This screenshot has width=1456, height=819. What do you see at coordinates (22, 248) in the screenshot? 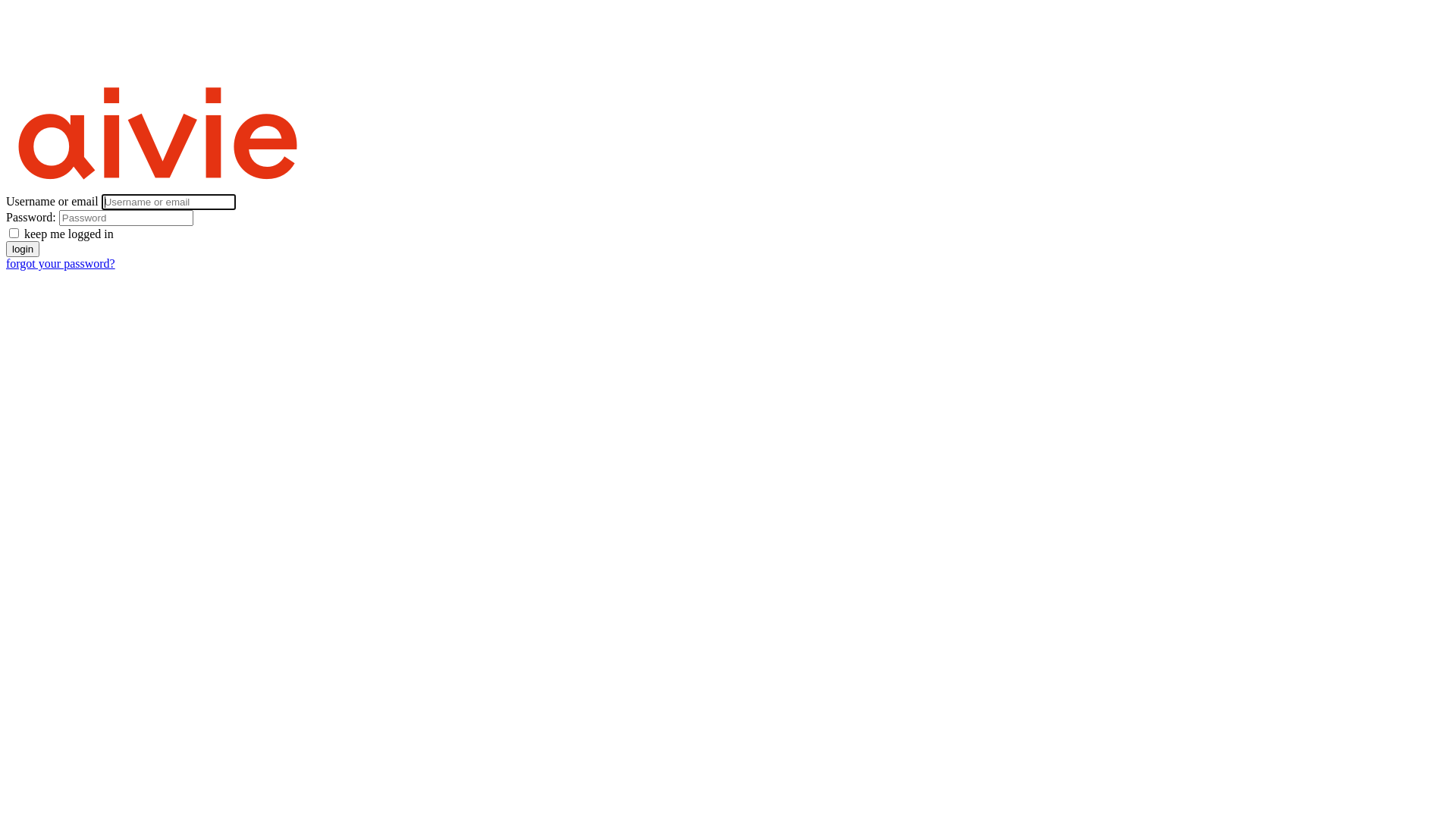
I see `'login'` at bounding box center [22, 248].